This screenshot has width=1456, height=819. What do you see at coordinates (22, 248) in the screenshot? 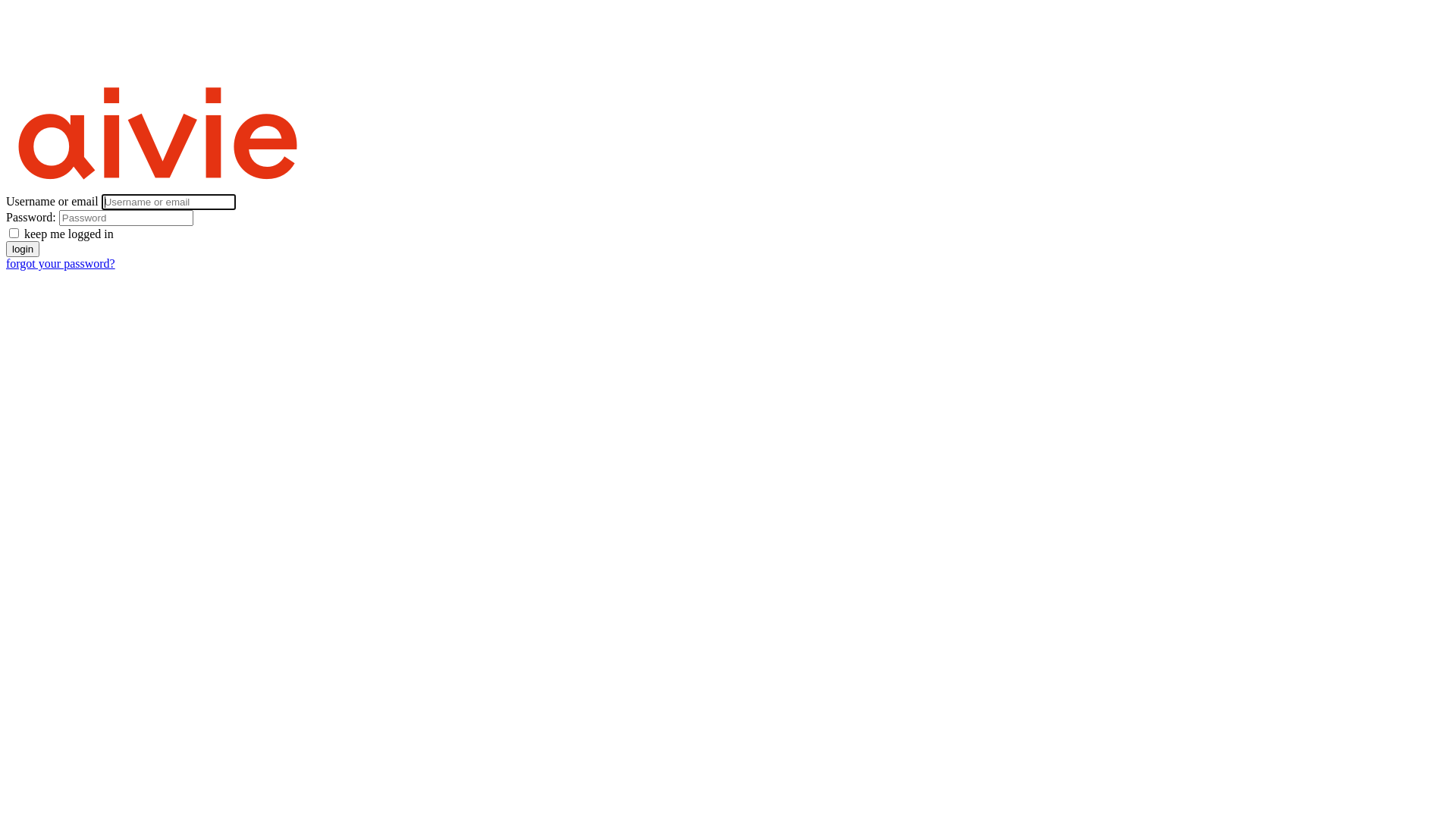
I see `'login'` at bounding box center [22, 248].